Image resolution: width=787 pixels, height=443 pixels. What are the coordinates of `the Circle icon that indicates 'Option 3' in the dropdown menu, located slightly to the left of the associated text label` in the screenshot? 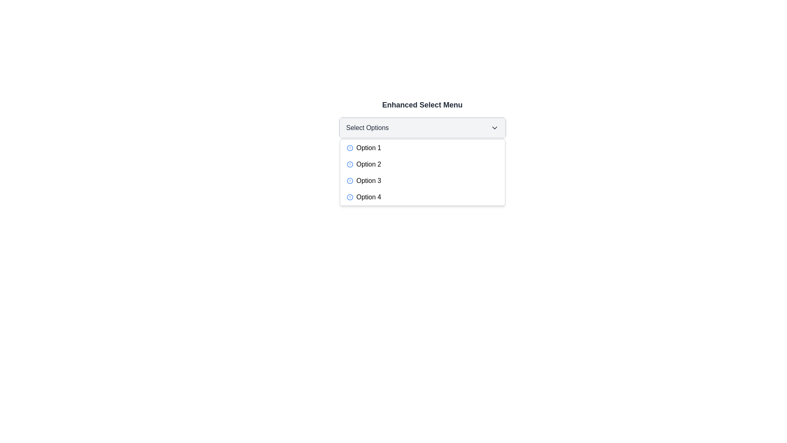 It's located at (350, 180).